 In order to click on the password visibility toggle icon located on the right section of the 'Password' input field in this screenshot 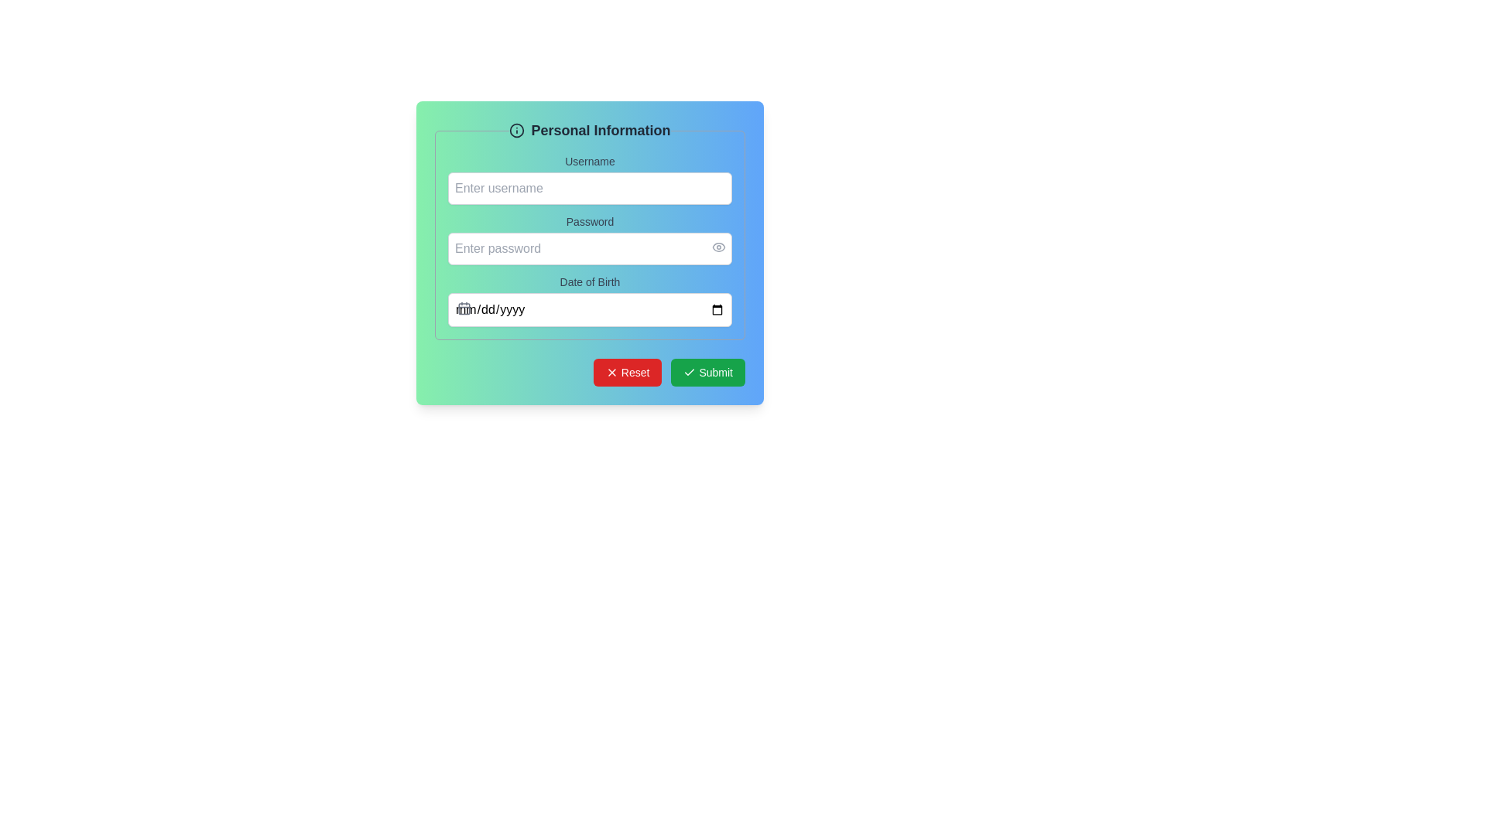, I will do `click(718, 247)`.